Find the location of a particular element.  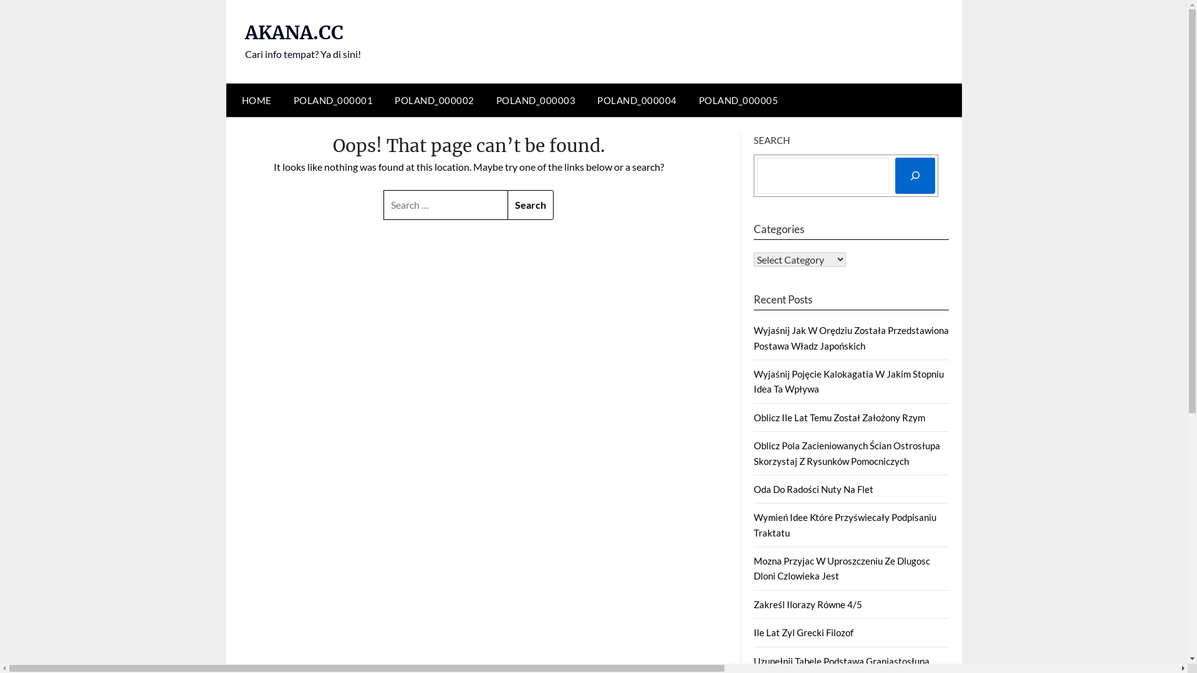

'POLAND_000005' is located at coordinates (738, 100).